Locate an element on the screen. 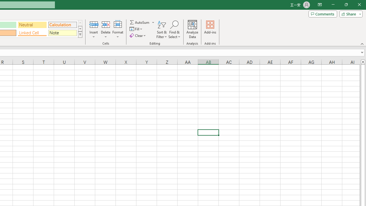 The height and width of the screenshot is (206, 366). 'AutoSum' is located at coordinates (142, 22).